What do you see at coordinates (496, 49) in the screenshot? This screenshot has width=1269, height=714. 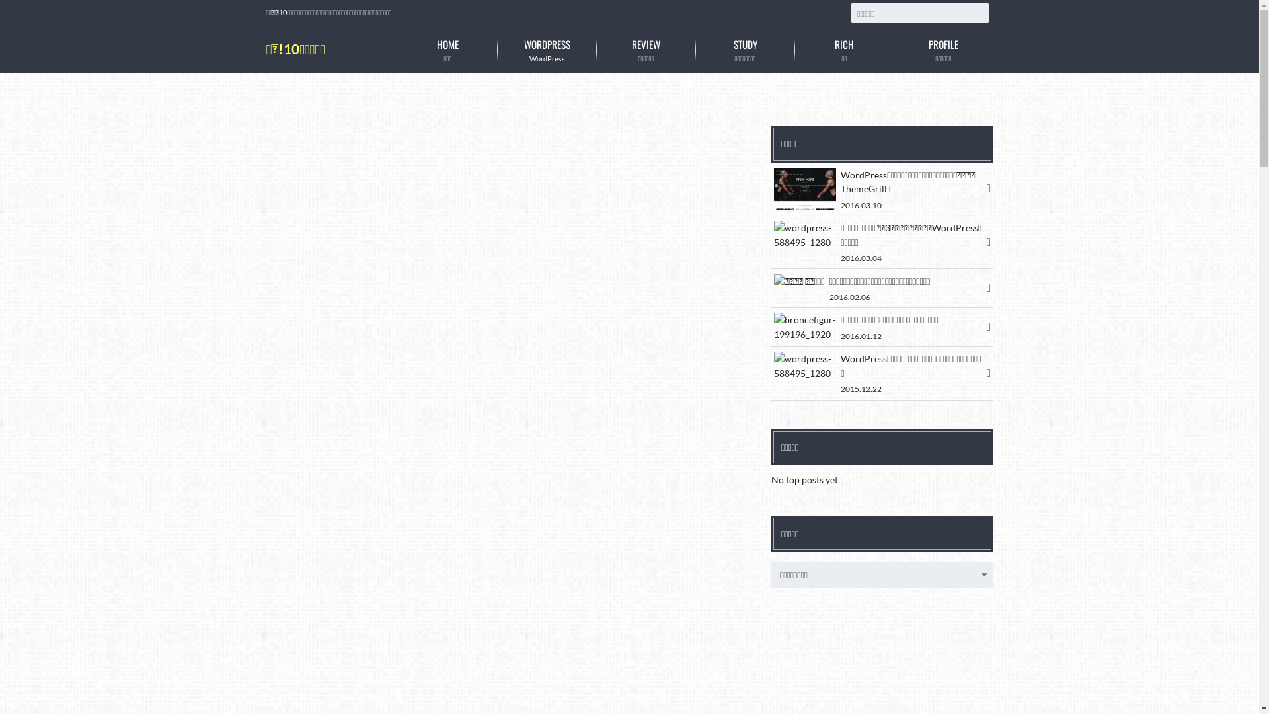 I see `'WordPress` at bounding box center [496, 49].